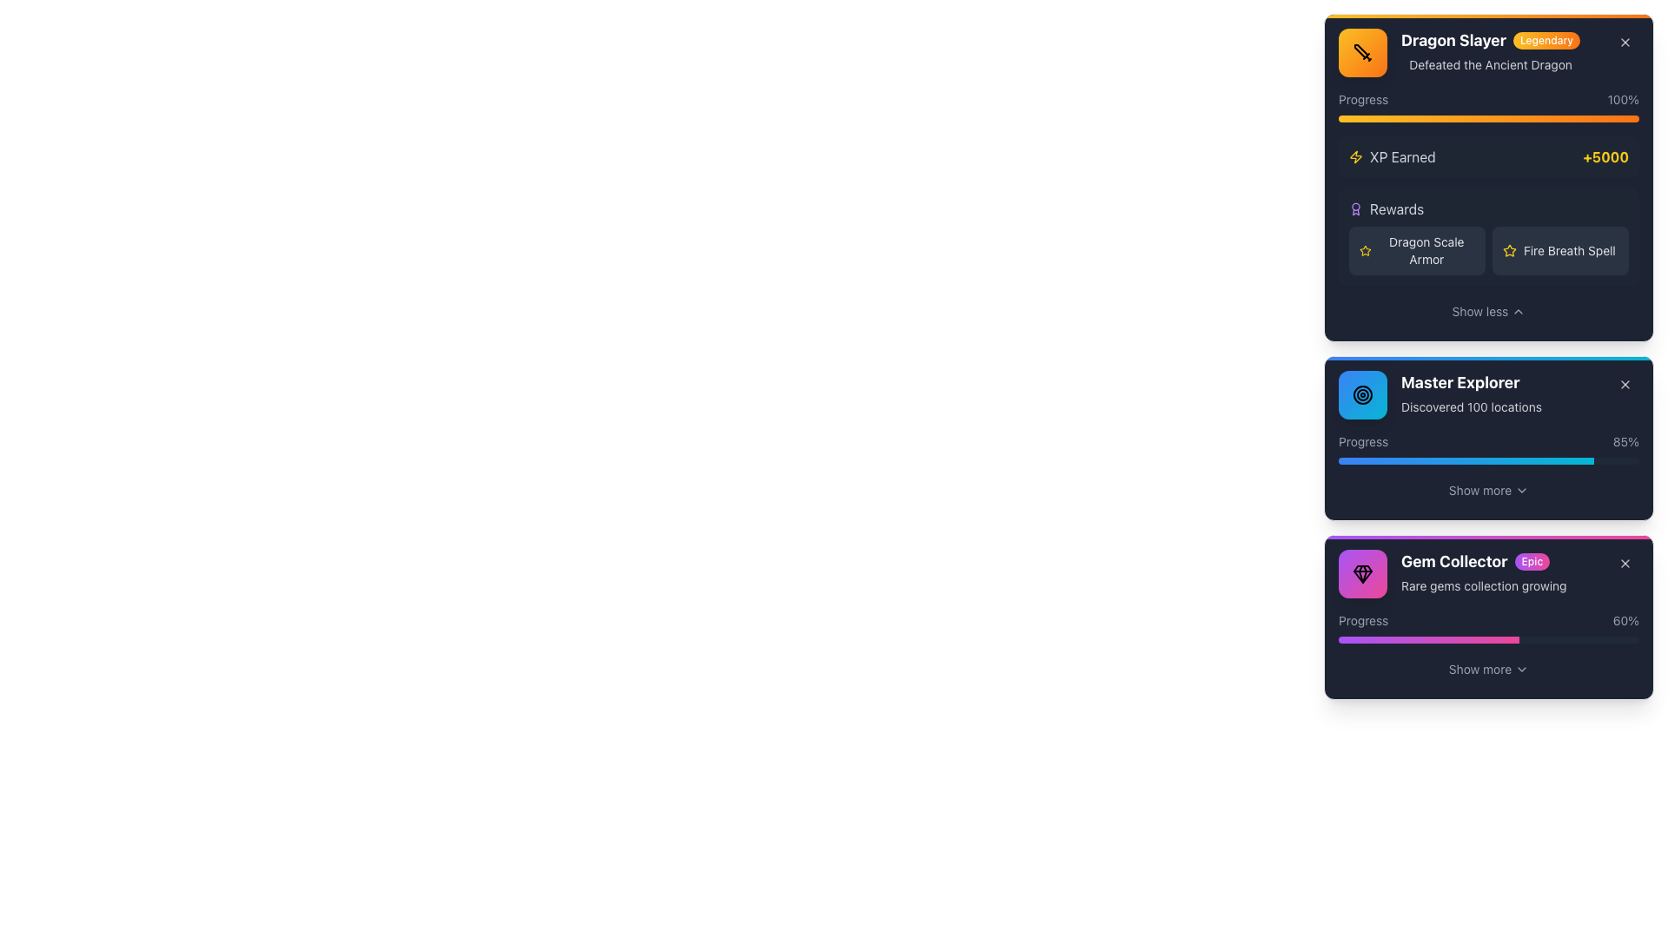 The image size is (1668, 938). Describe the element at coordinates (1532, 562) in the screenshot. I see `the badge indicating the epic rarity level in the 'Gem Collector' section, located to the right of the 'Gem Collector' text` at that location.